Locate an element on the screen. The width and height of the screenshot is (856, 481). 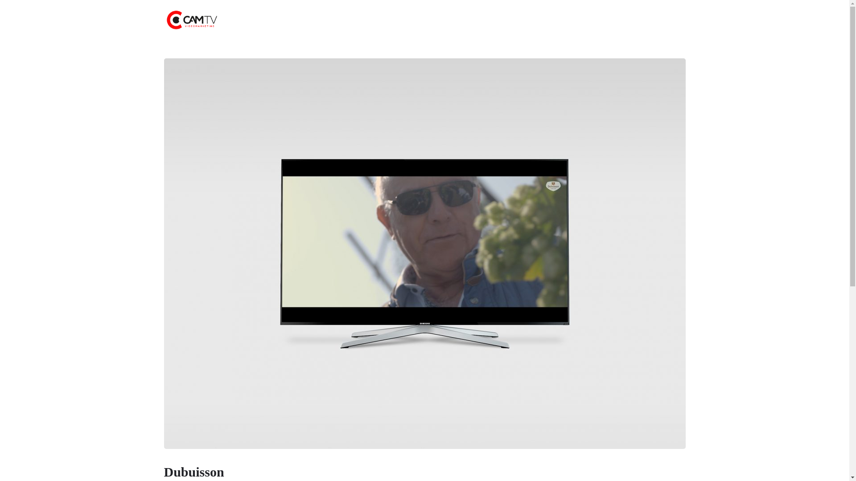
'SERVICES' is located at coordinates (391, 20).